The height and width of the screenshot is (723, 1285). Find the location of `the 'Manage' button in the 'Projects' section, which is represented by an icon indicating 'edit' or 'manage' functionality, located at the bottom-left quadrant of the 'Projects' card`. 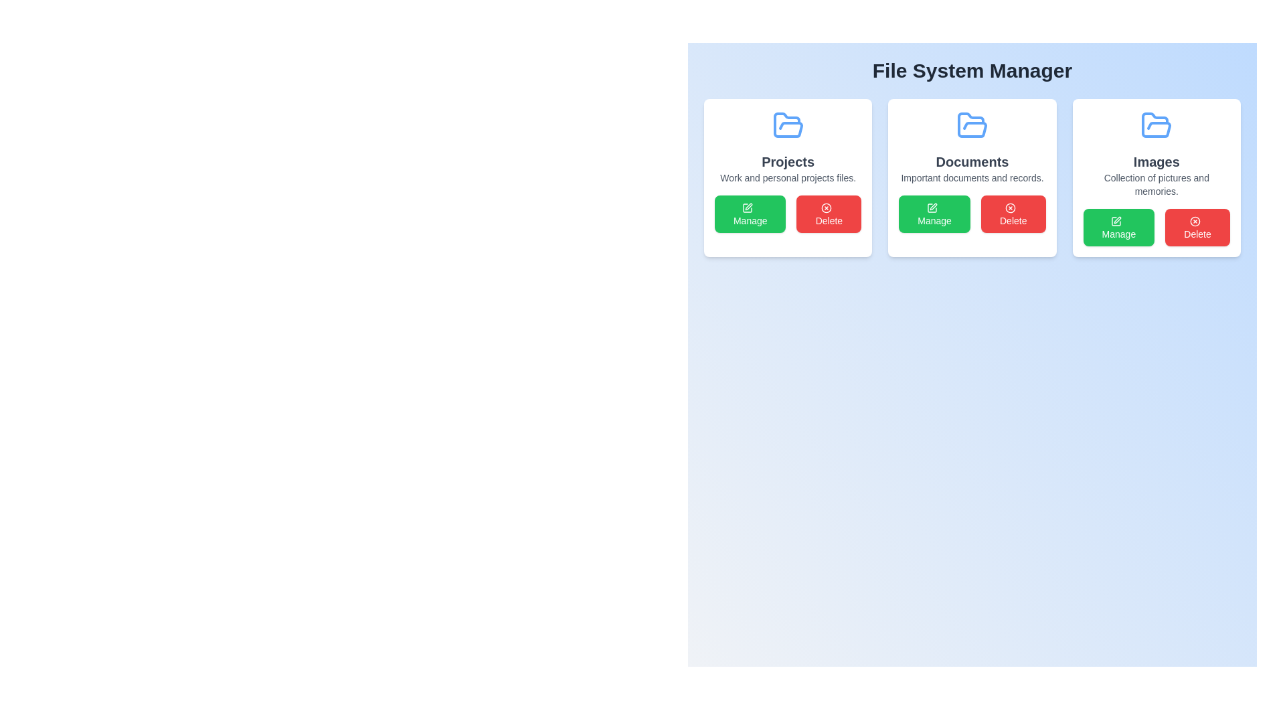

the 'Manage' button in the 'Projects' section, which is represented by an icon indicating 'edit' or 'manage' functionality, located at the bottom-left quadrant of the 'Projects' card is located at coordinates (747, 208).